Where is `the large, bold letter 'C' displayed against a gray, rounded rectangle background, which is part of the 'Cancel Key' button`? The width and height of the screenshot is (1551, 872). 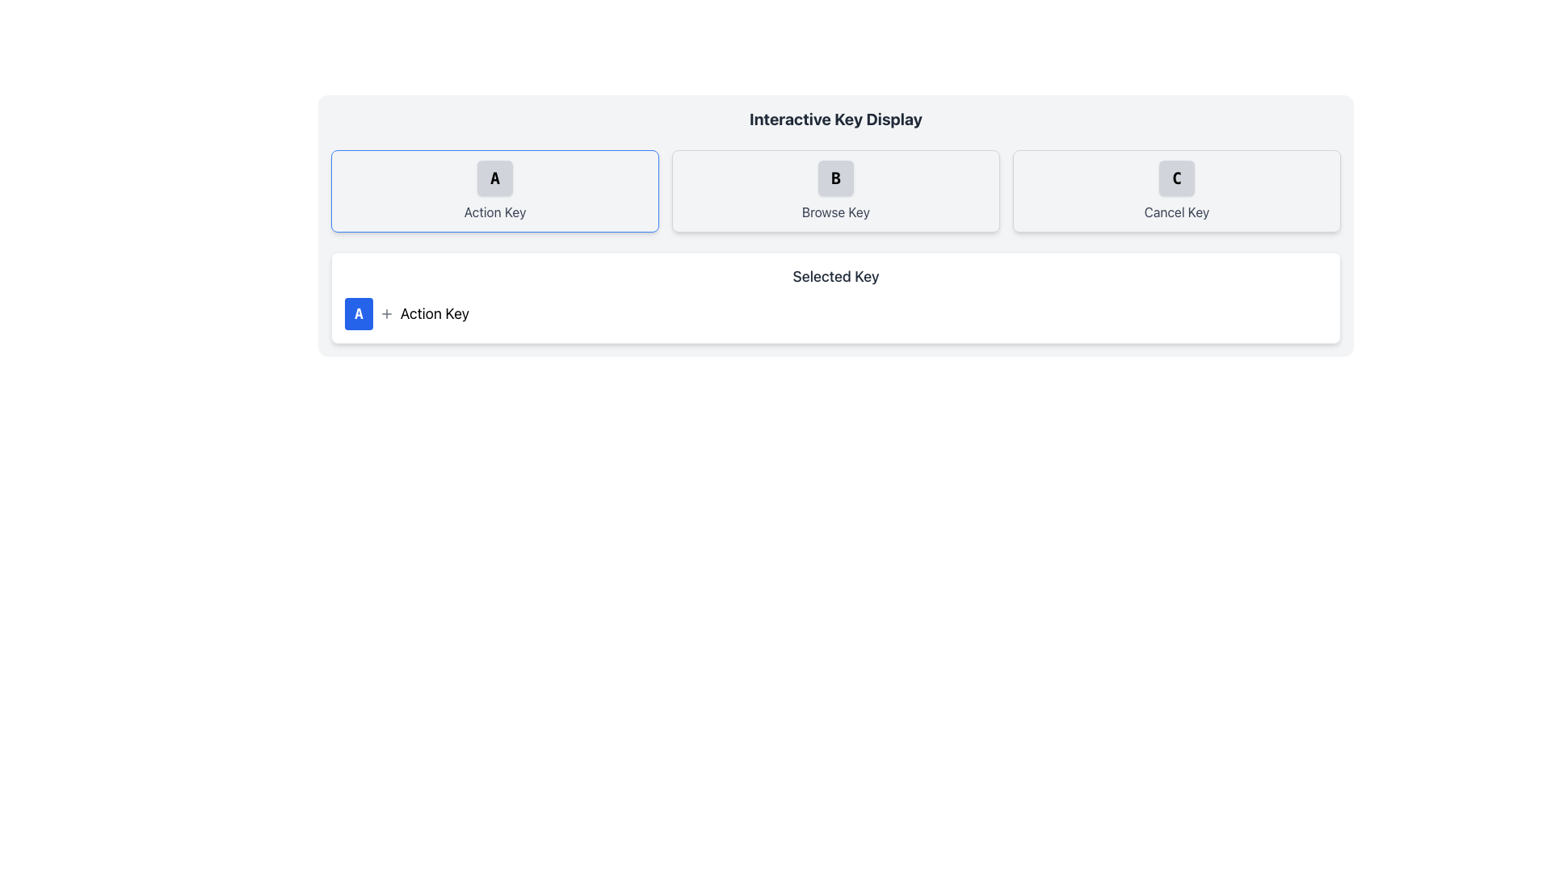
the large, bold letter 'C' displayed against a gray, rounded rectangle background, which is part of the 'Cancel Key' button is located at coordinates (1176, 178).